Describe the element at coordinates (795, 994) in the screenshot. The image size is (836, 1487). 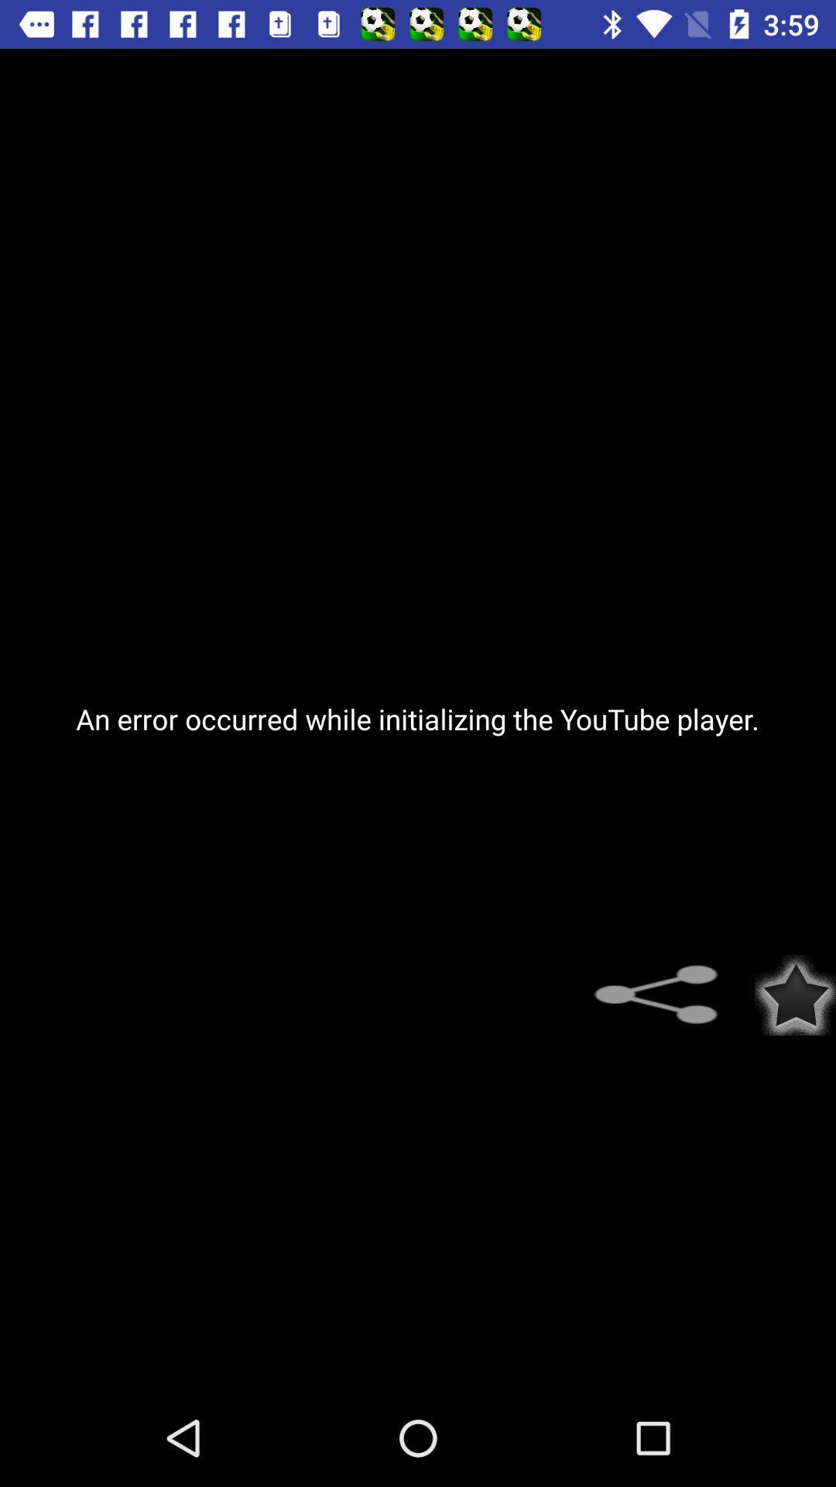
I see `icon below the an error occurred icon` at that location.